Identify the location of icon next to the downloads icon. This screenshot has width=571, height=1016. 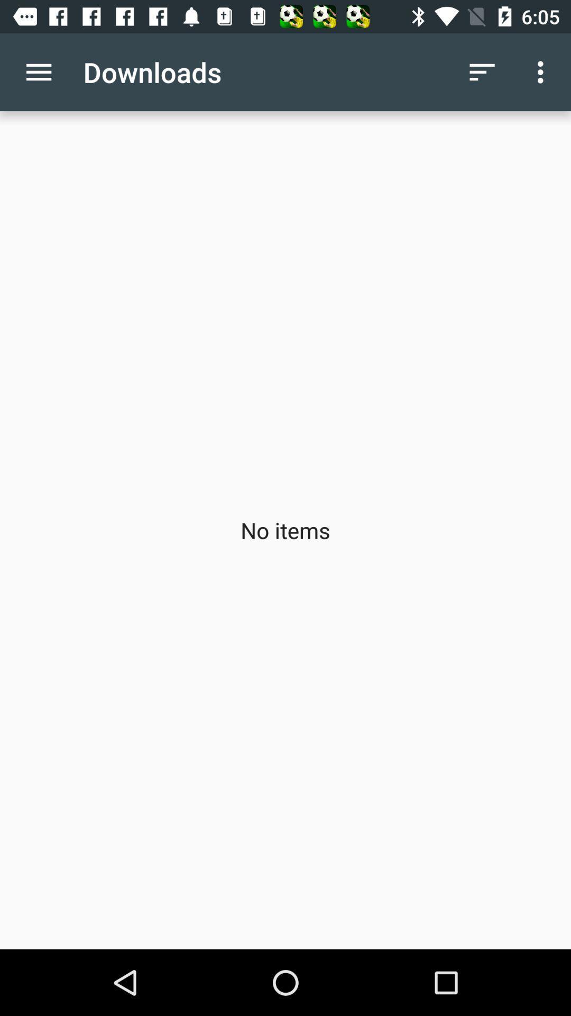
(482, 71).